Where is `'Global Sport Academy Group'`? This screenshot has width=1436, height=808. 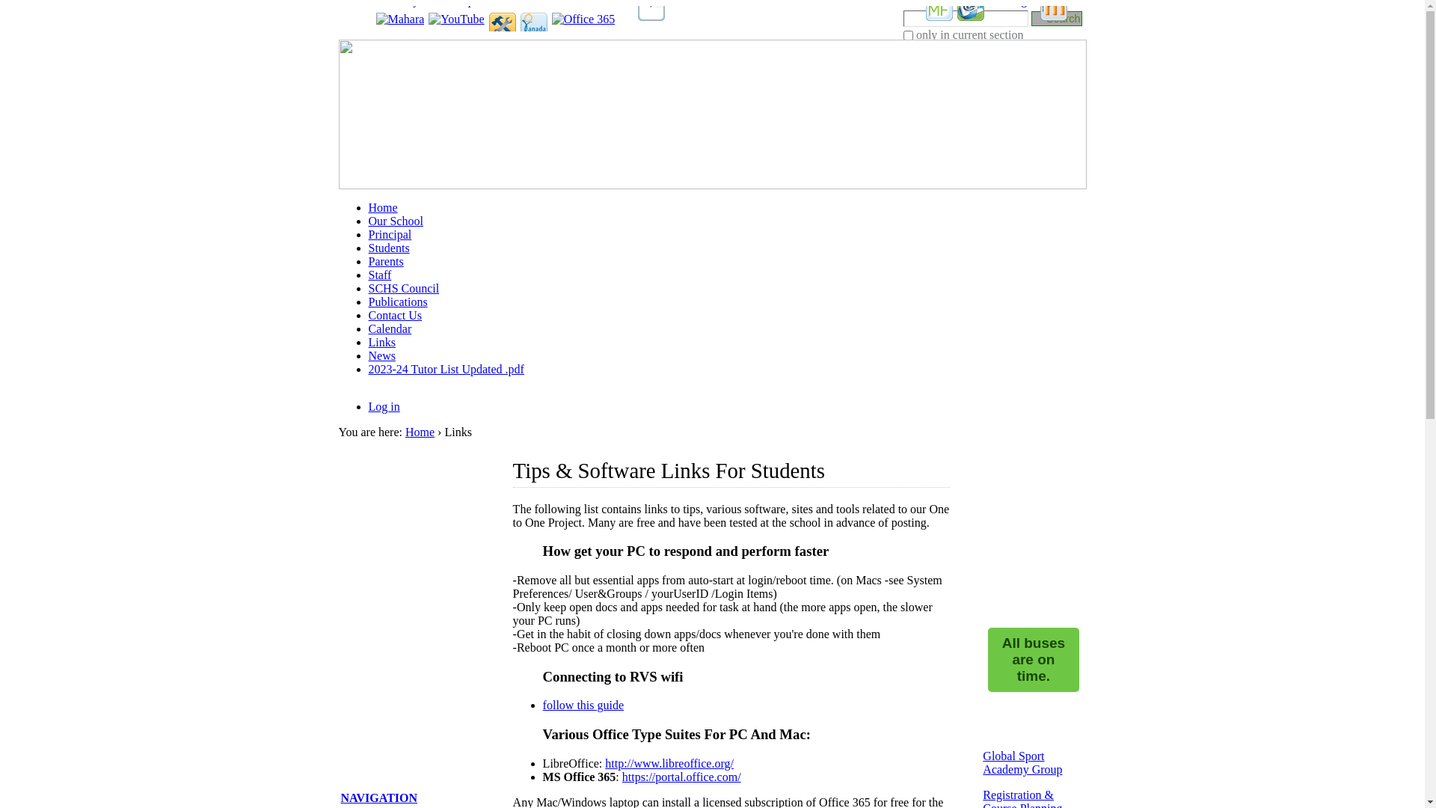
'Global Sport Academy Group' is located at coordinates (983, 762).